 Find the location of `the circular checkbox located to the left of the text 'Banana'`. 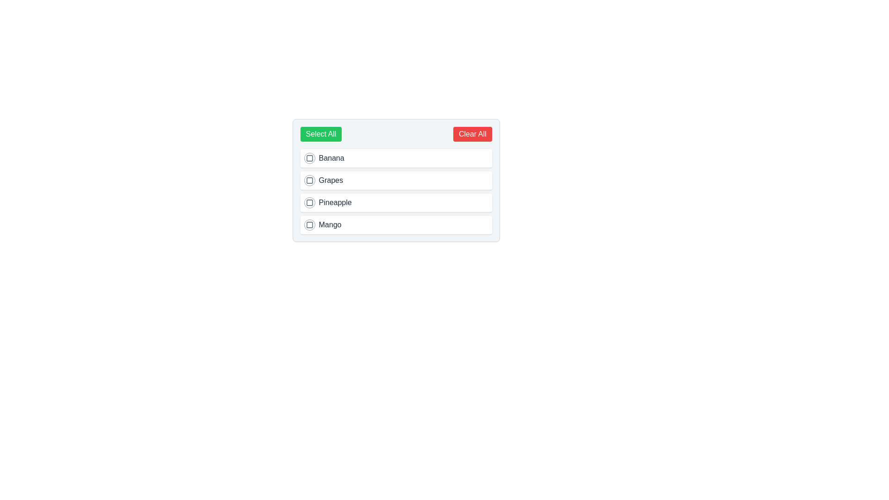

the circular checkbox located to the left of the text 'Banana' is located at coordinates (309, 158).